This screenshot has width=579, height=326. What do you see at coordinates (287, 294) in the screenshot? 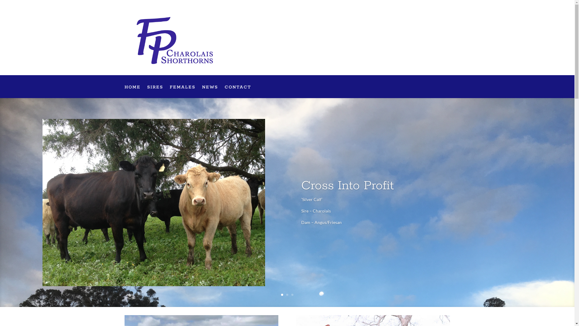
I see `'2'` at bounding box center [287, 294].